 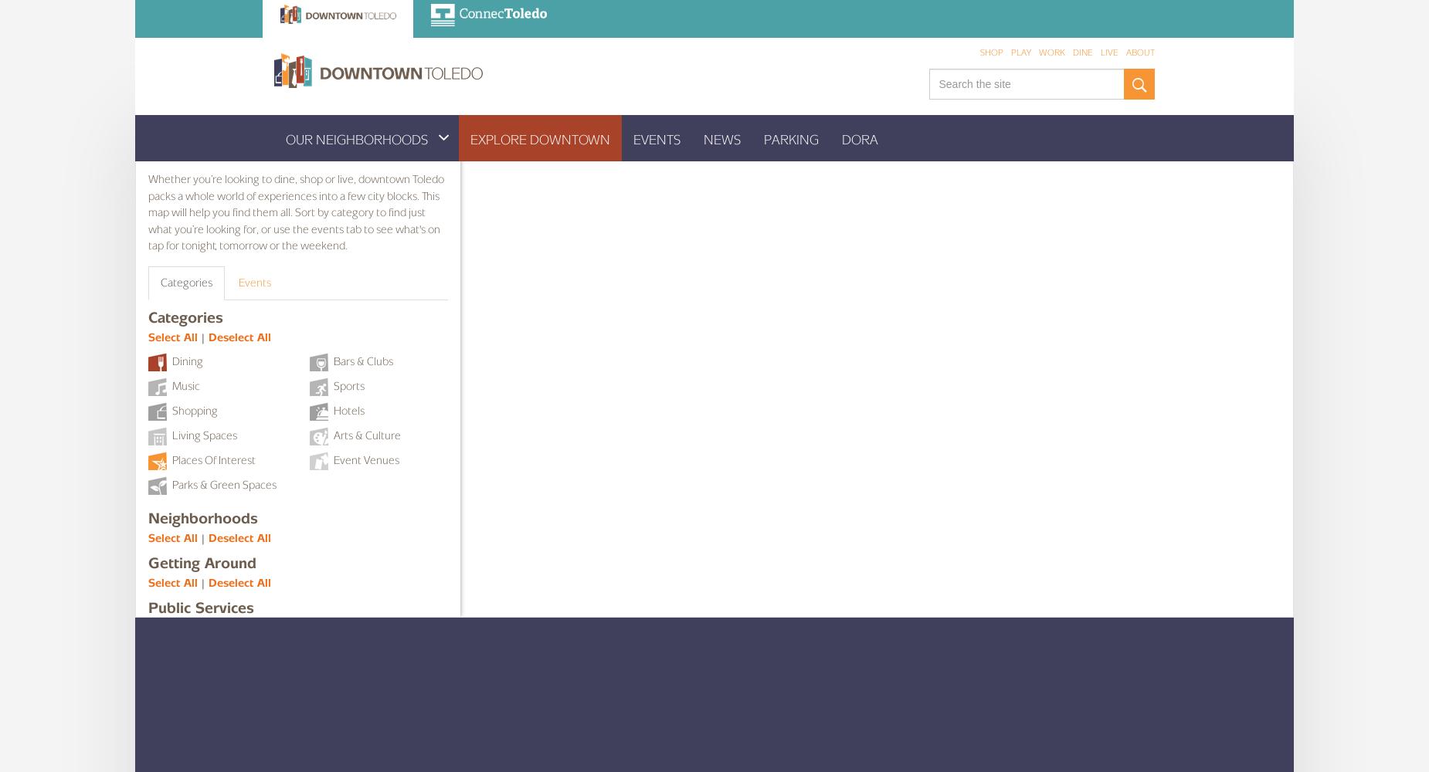 I want to click on 'Event Venues', so click(x=331, y=459).